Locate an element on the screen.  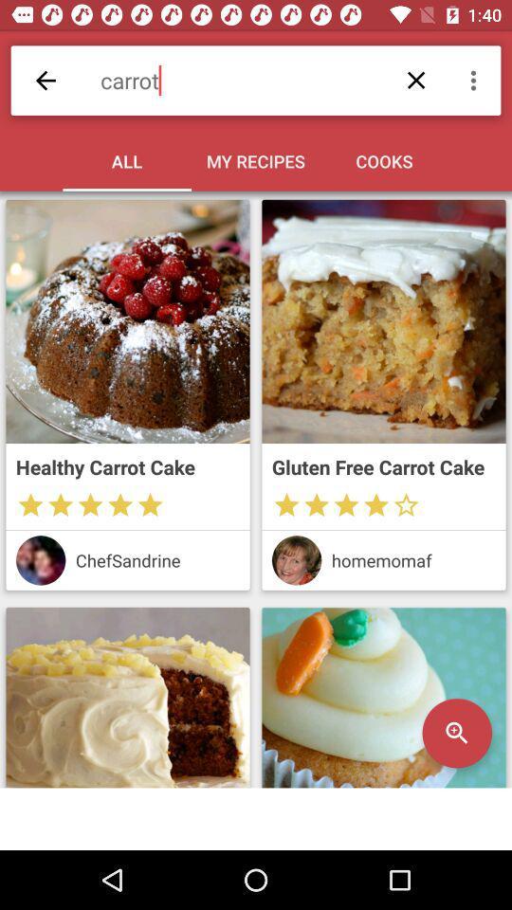
the result comes with image is located at coordinates (384, 321).